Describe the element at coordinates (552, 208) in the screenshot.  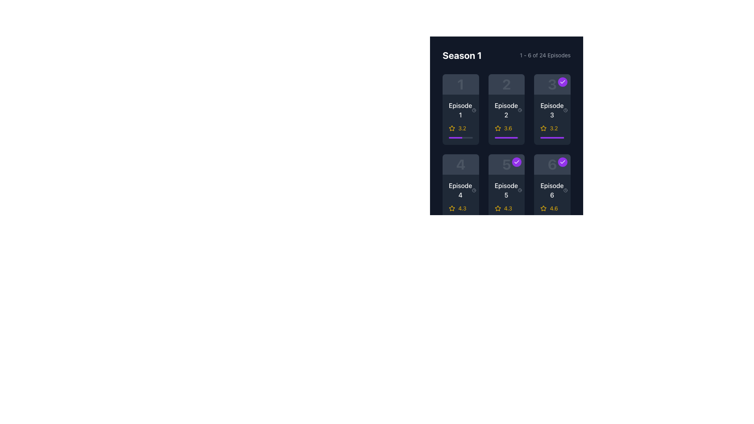
I see `the Rating display component showing a rating value of '4.6' with a yellow font and an outlined star icon, associated with 'Episode 6' in the bottom-right corner of the grid in the 'Season 1' section` at that location.